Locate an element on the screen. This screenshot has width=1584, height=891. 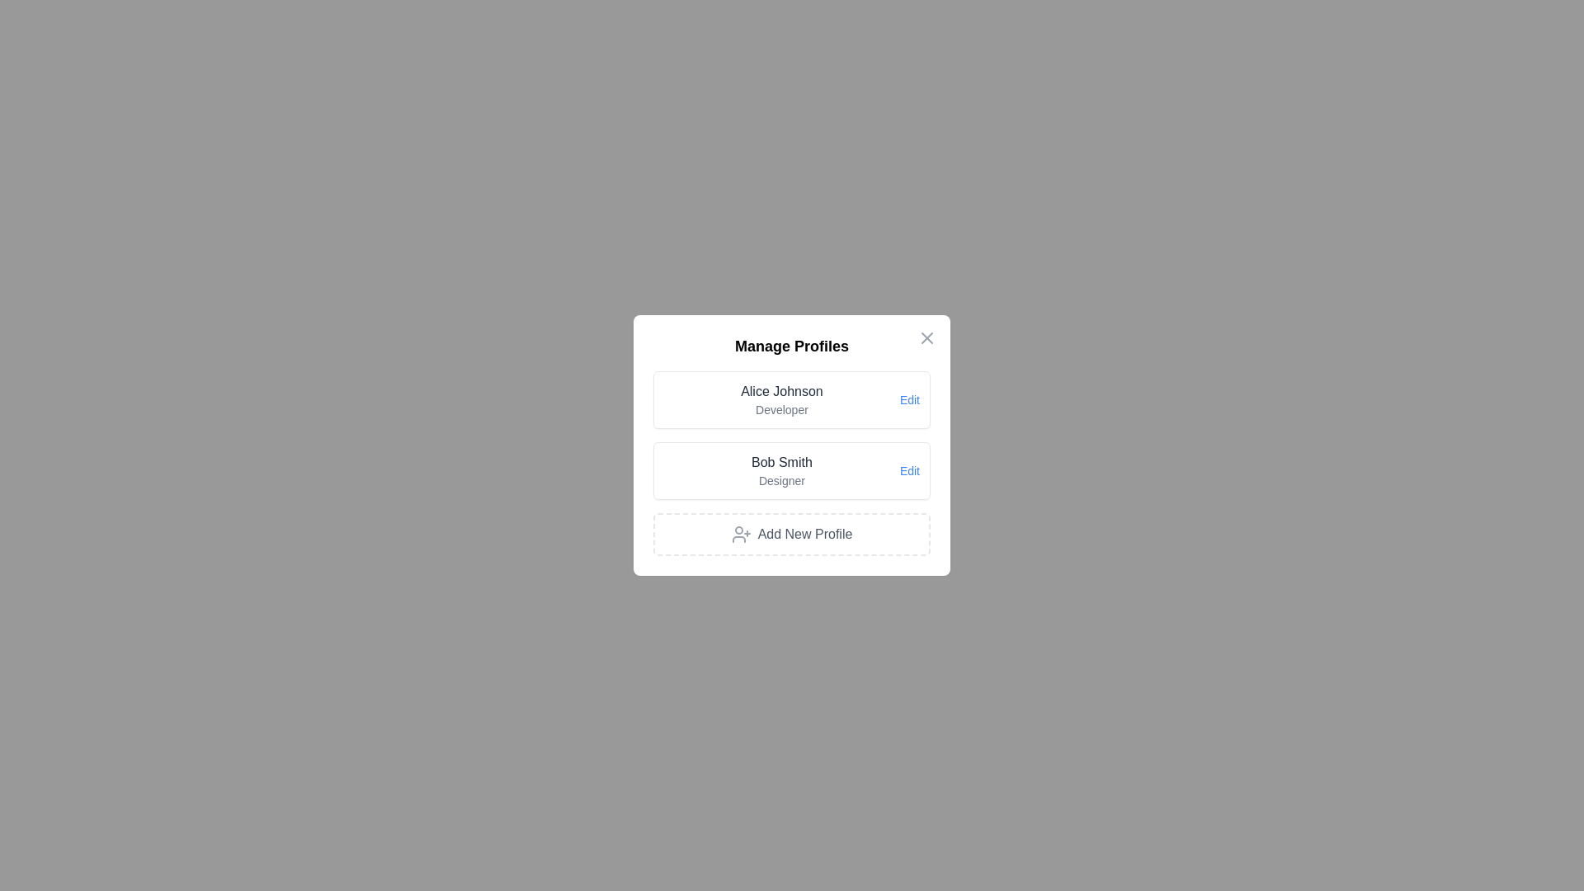
'Add New Profile' button to initiate adding a new profile is located at coordinates (792, 535).